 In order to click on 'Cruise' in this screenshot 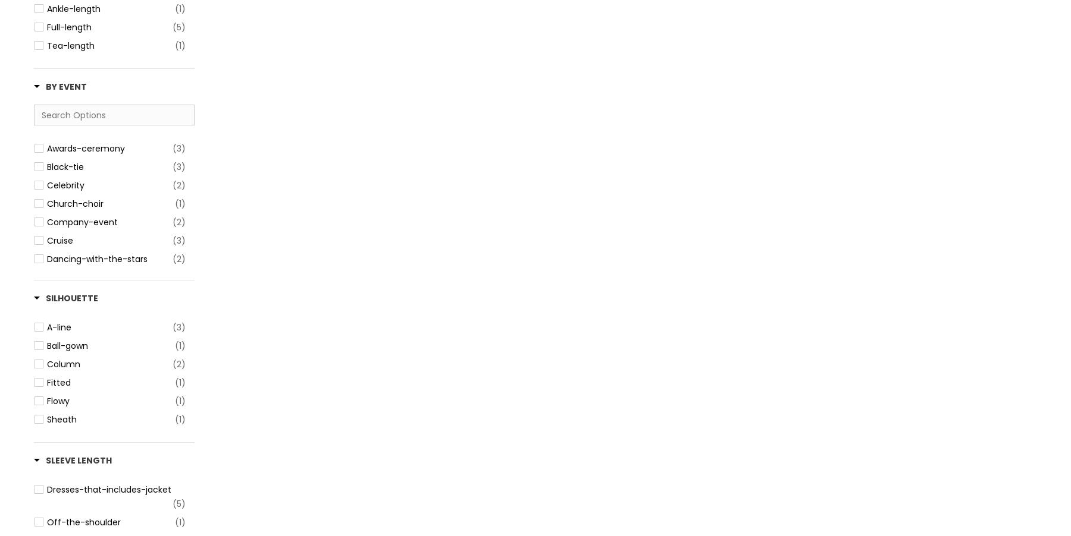, I will do `click(46, 240)`.